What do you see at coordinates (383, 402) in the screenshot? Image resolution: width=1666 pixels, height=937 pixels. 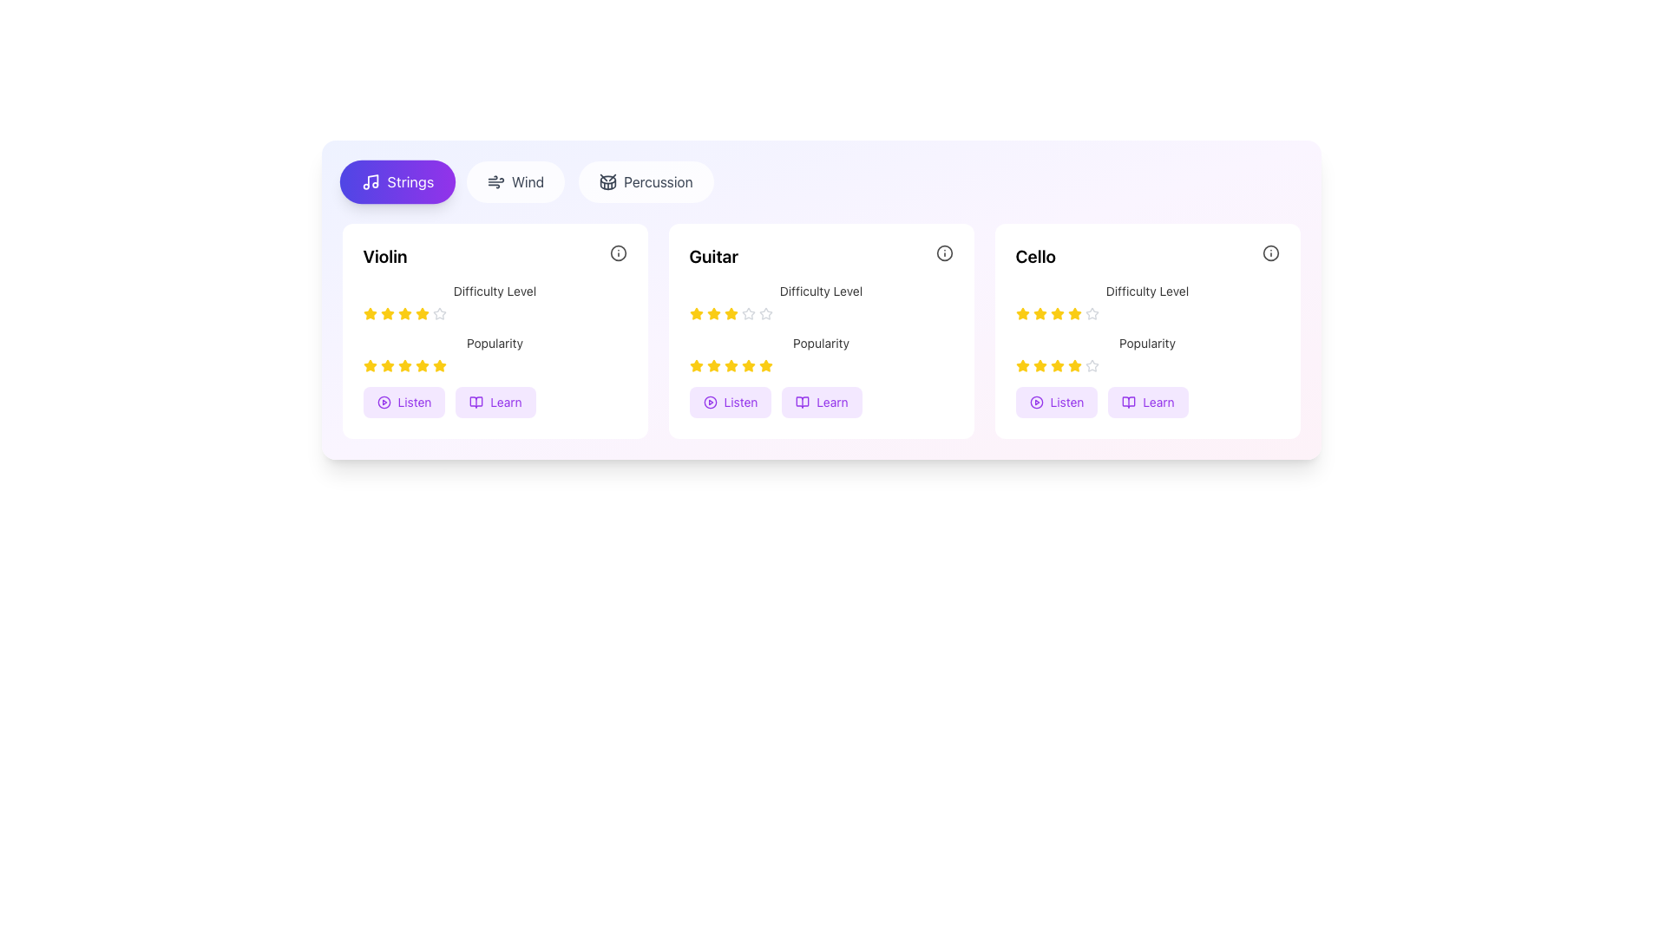 I see `the Icon Button (Play) located in the bottom-left of the 'Violin' card, to the left of the 'Listen' text label, to prompt a tooltip or animation` at bounding box center [383, 402].